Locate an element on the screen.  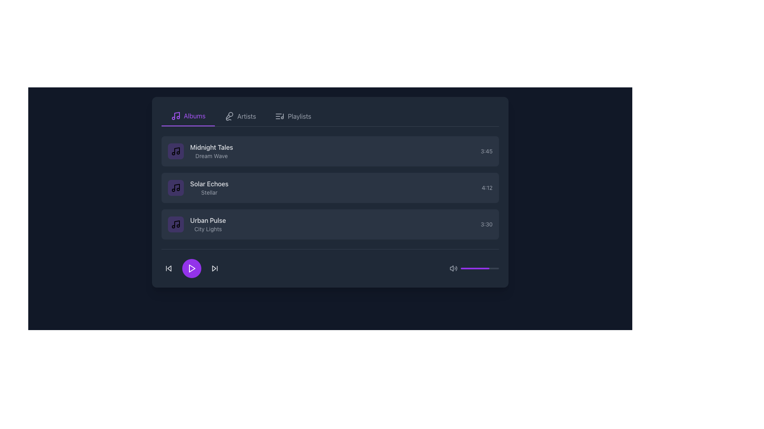
the triangular arrow icon representing the 'skip back' button in the multimedia control bar to skip back to the previous track or start the current track is located at coordinates (169, 268).